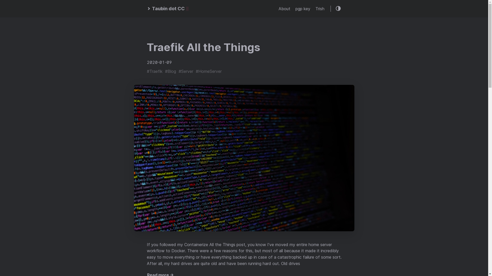 This screenshot has width=492, height=276. I want to click on 'pgp key', so click(302, 9).